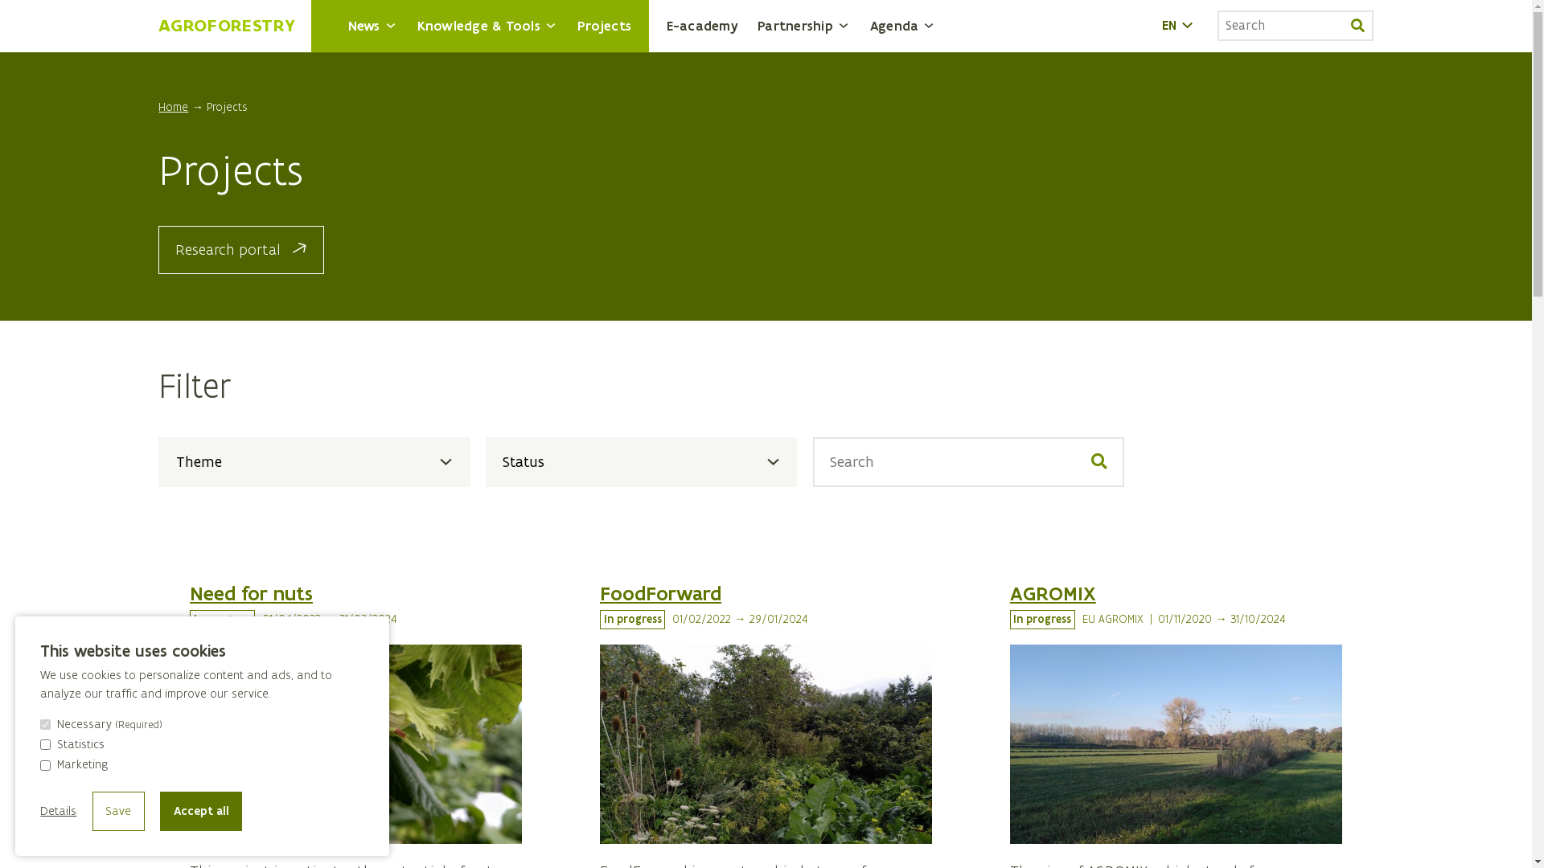  I want to click on 'E-academy', so click(702, 25).